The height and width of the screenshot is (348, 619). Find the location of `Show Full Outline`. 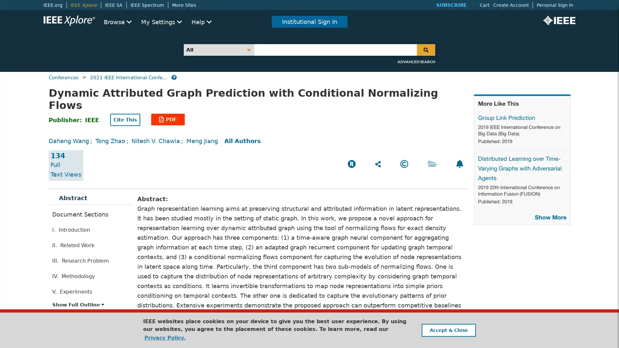

Show Full Outline is located at coordinates (78, 304).